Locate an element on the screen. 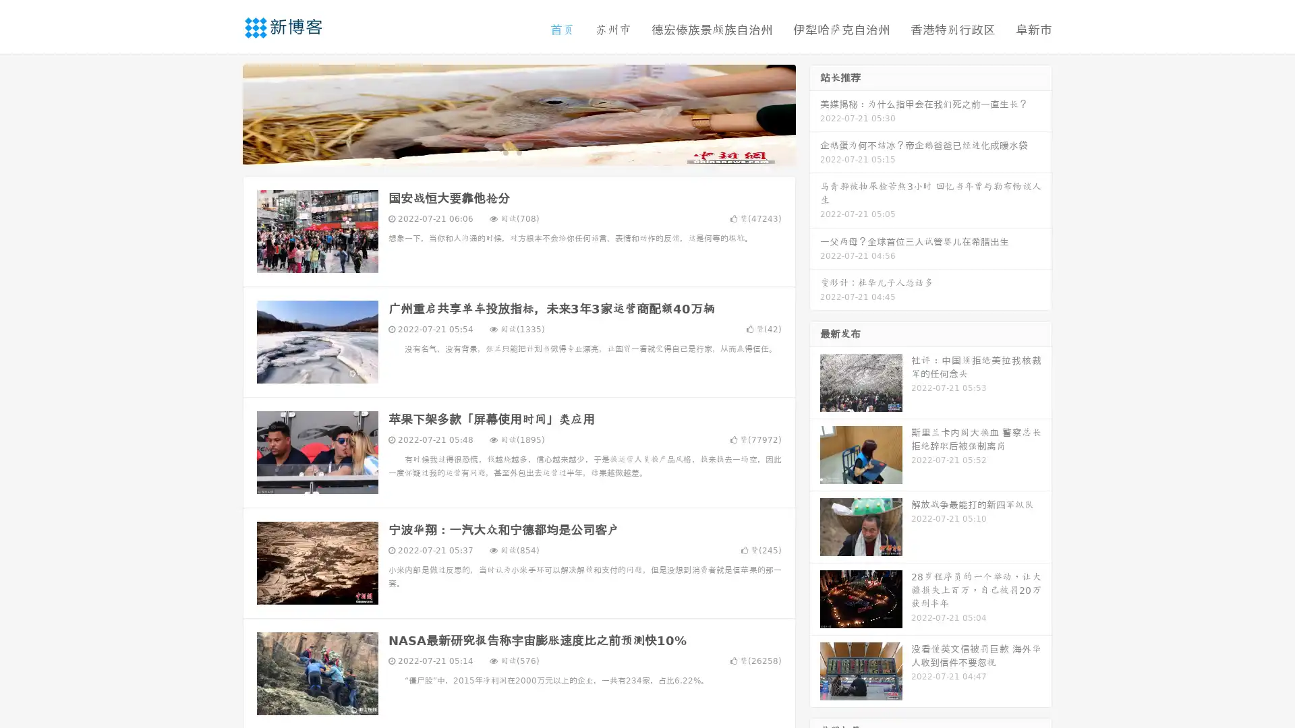 The width and height of the screenshot is (1295, 728). Previous slide is located at coordinates (223, 113).